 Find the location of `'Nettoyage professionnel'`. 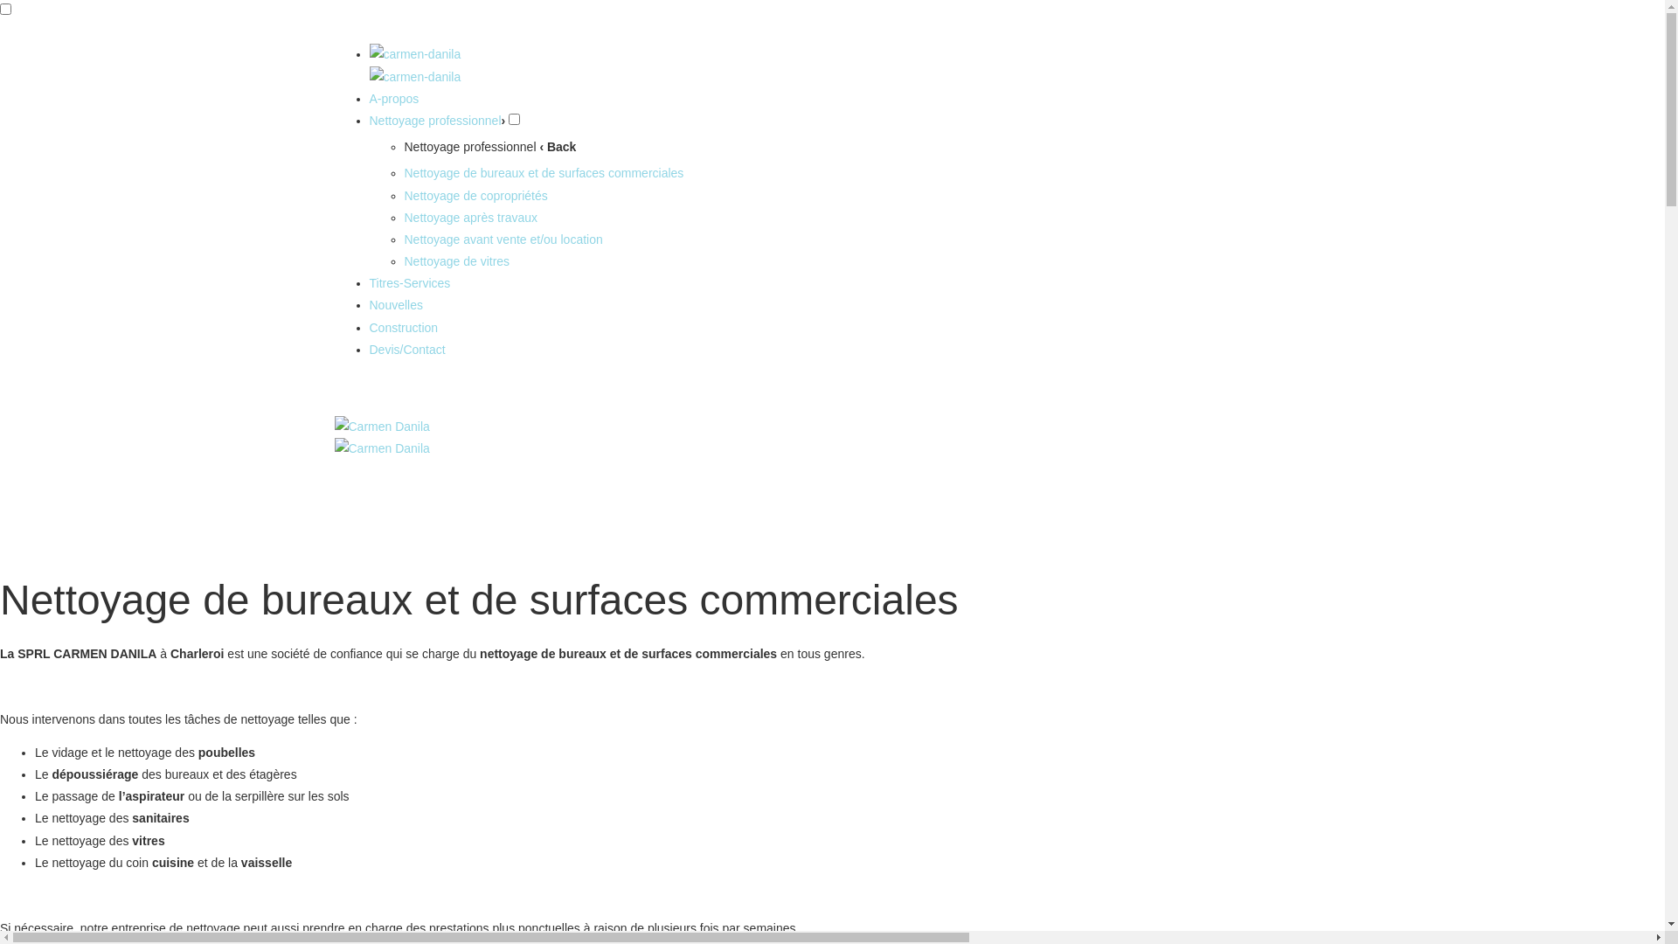

'Nettoyage professionnel' is located at coordinates (434, 120).